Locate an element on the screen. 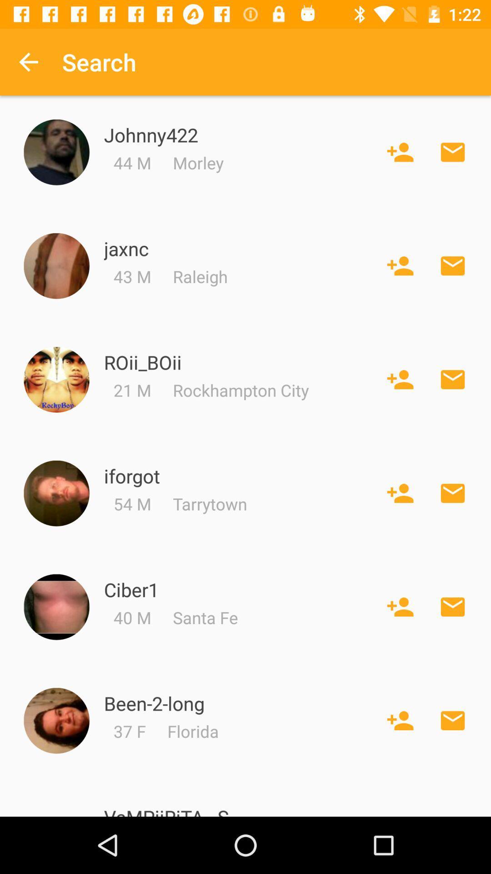 Image resolution: width=491 pixels, height=874 pixels. member profile is located at coordinates (56, 493).